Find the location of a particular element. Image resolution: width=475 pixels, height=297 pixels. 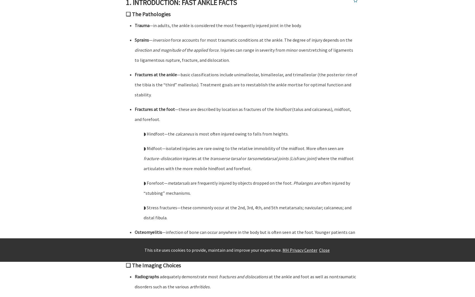

'hindfoot' is located at coordinates (282, 109).